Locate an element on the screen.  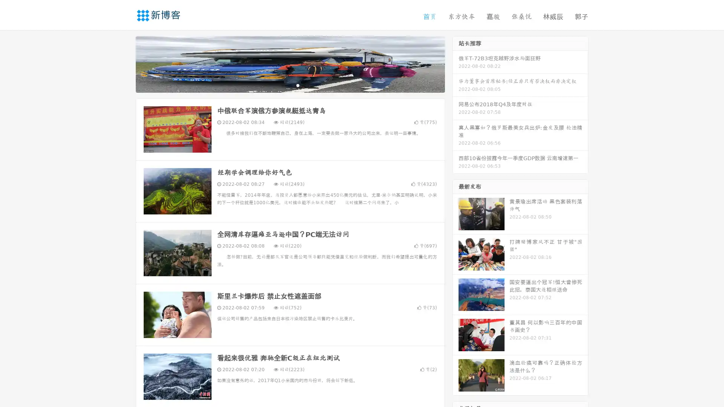
Previous slide is located at coordinates (124, 63).